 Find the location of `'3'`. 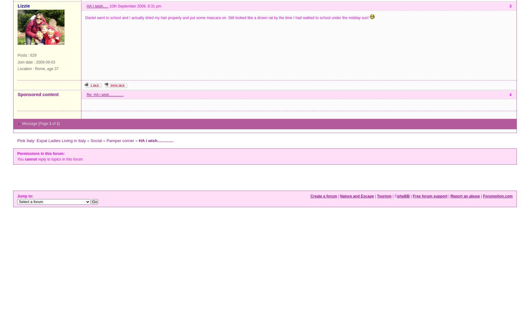

'3' is located at coordinates (510, 6).